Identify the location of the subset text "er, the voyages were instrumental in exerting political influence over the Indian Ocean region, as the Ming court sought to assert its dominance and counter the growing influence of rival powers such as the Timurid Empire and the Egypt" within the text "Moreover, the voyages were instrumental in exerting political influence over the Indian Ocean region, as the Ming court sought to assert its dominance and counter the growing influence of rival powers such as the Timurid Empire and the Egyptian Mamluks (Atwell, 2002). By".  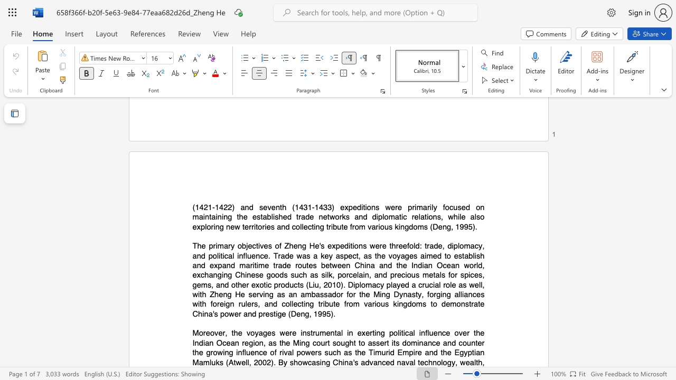
(218, 333).